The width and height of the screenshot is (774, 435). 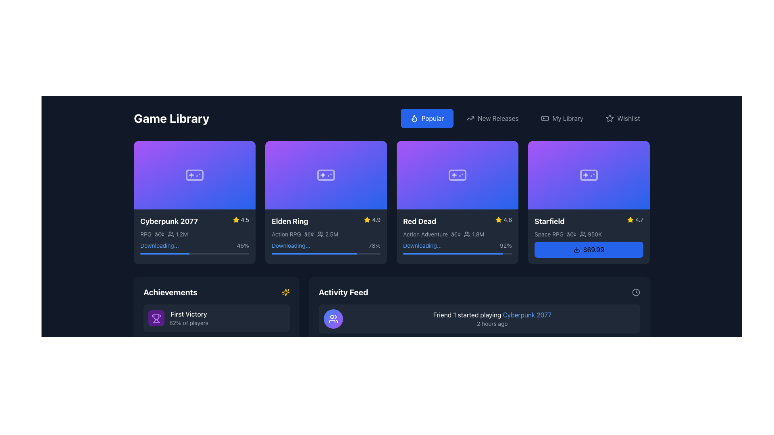 I want to click on the icon representing gaming content for 'Elden Ring' located in the second card from the left under the 'Game Library' section, so click(x=326, y=174).